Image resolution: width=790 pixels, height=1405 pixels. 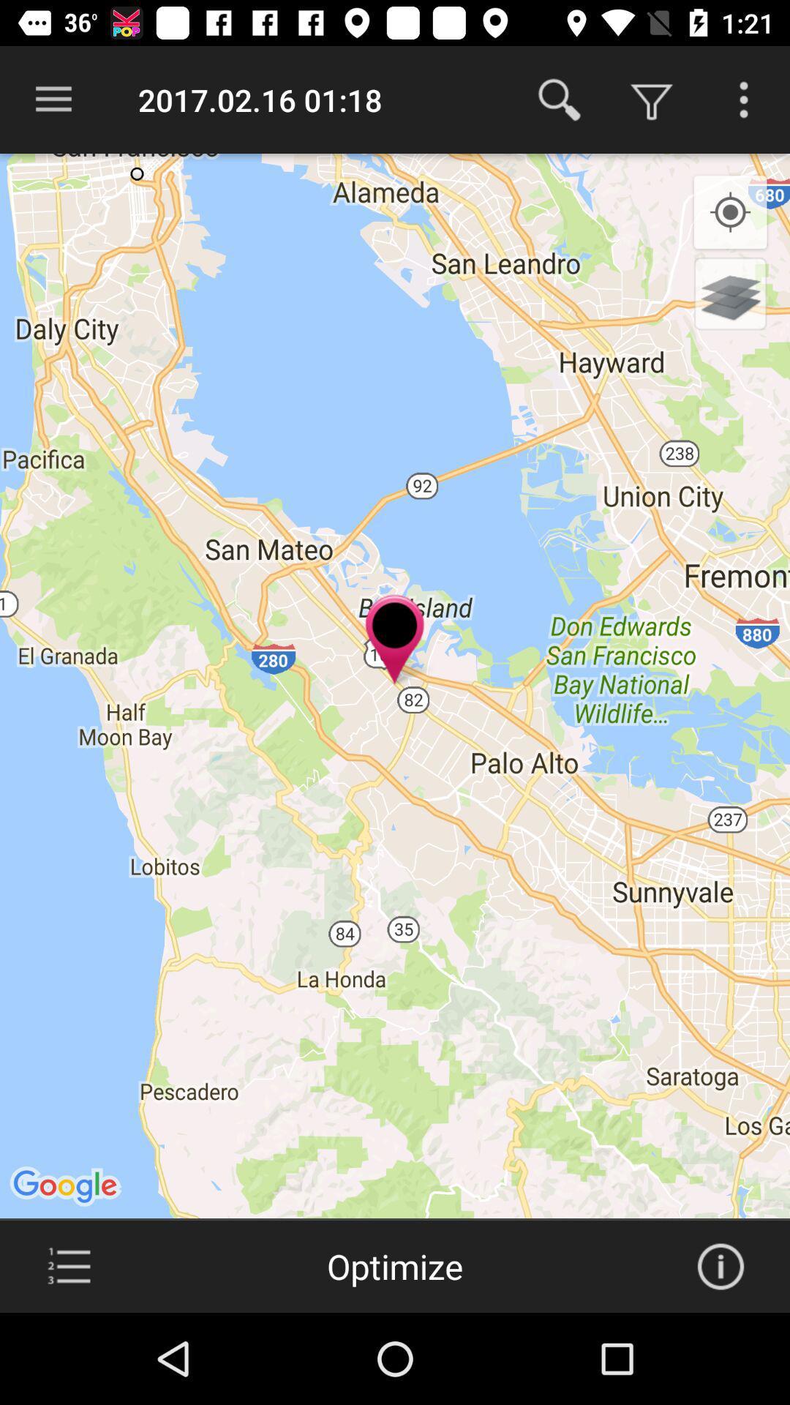 I want to click on tab to maps toggle to select location pointout location on map, so click(x=69, y=1266).